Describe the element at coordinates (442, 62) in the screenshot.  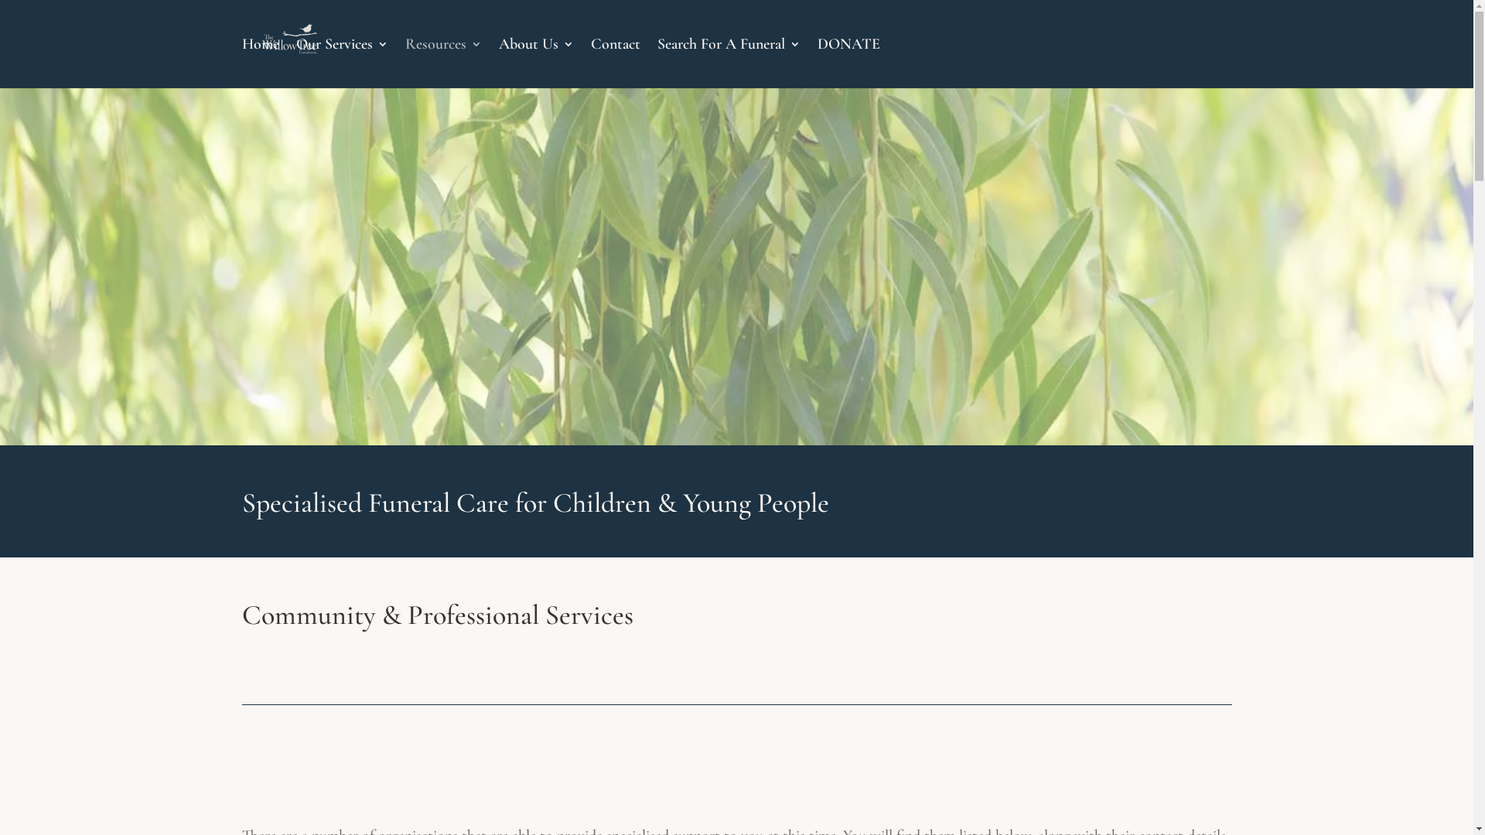
I see `'Resources'` at that location.